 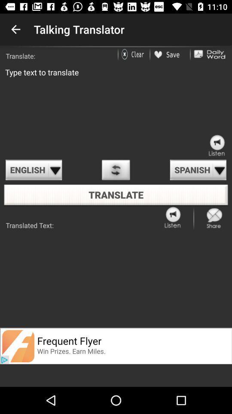 What do you see at coordinates (116, 169) in the screenshot?
I see `click reload` at bounding box center [116, 169].